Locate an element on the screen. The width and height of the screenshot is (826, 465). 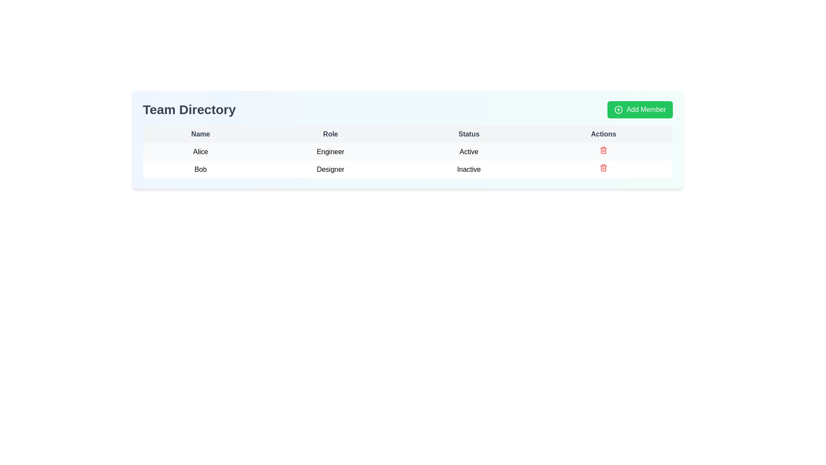
the first table row displaying user information with the text fields 'Alice', 'Engineer', 'Active' for navigation purposes is located at coordinates (407, 161).